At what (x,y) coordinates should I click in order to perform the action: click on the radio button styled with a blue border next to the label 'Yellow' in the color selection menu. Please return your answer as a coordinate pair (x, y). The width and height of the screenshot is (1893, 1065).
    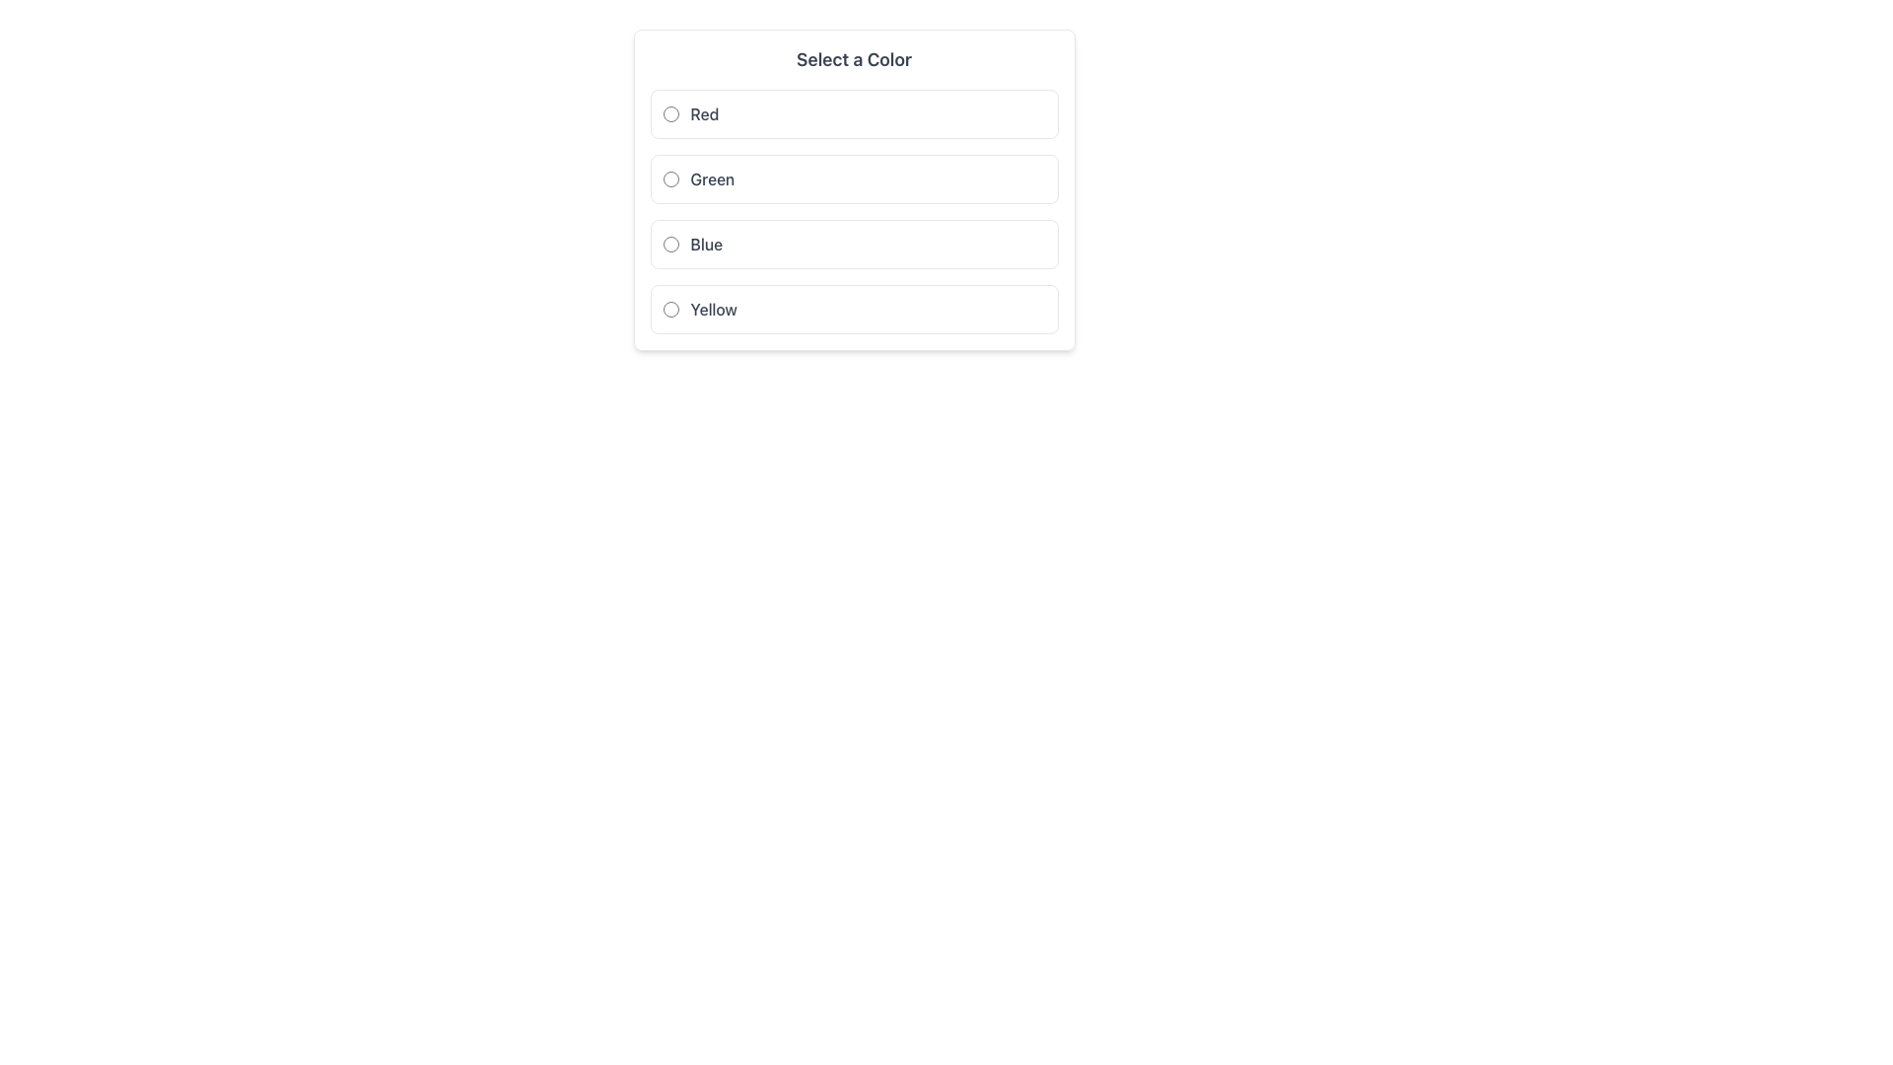
    Looking at the image, I should click on (670, 309).